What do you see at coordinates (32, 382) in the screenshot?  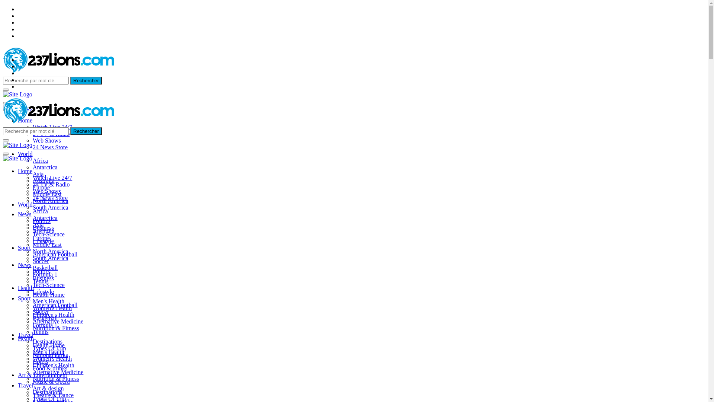 I see `'Music & Opera'` at bounding box center [32, 382].